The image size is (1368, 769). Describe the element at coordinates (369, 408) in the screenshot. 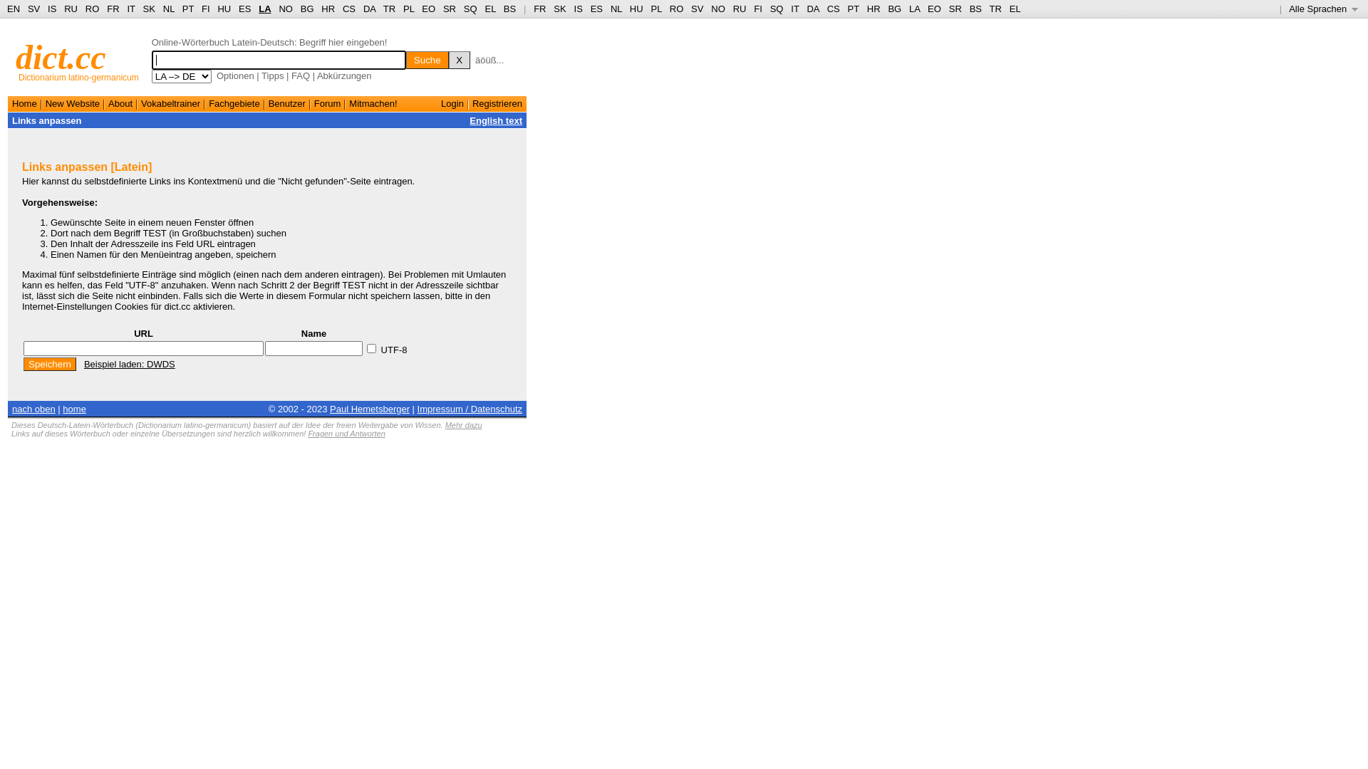

I see `'Paul Hemetsberger'` at that location.